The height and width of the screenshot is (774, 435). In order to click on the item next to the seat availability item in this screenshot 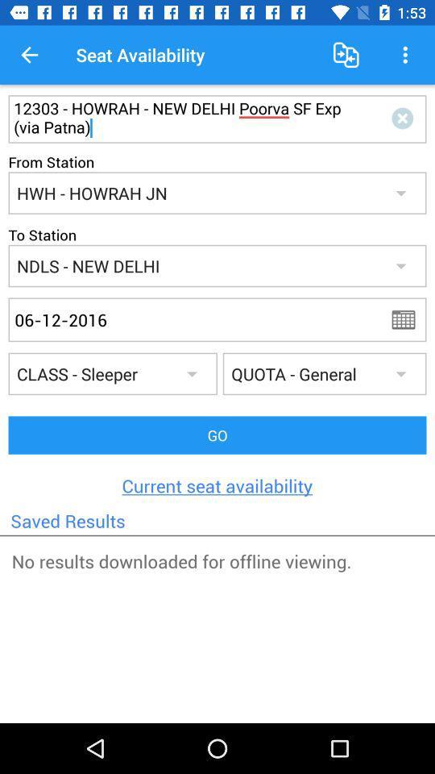, I will do `click(345, 55)`.